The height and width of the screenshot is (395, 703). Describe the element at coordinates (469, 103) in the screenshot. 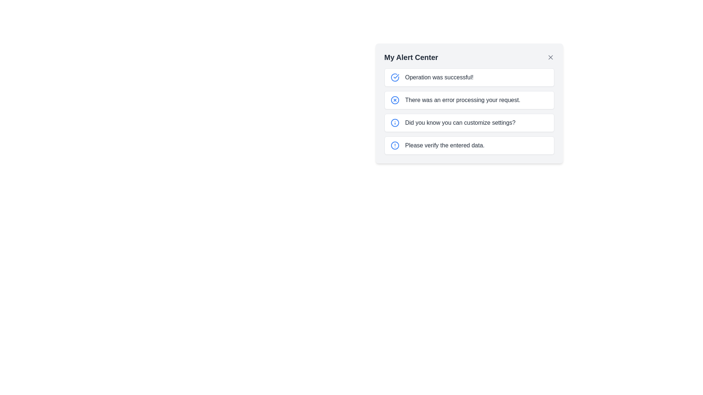

I see `the icon on the second alert message in the 'My Alert Center' panel` at that location.